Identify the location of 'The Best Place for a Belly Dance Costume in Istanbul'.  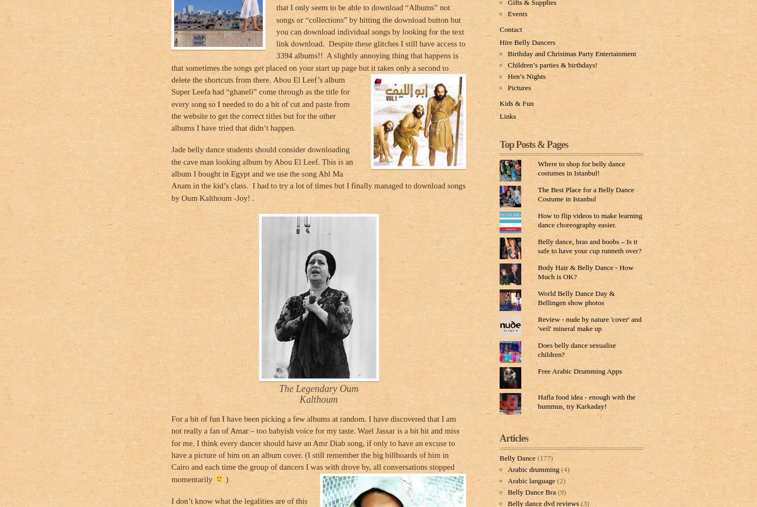
(537, 193).